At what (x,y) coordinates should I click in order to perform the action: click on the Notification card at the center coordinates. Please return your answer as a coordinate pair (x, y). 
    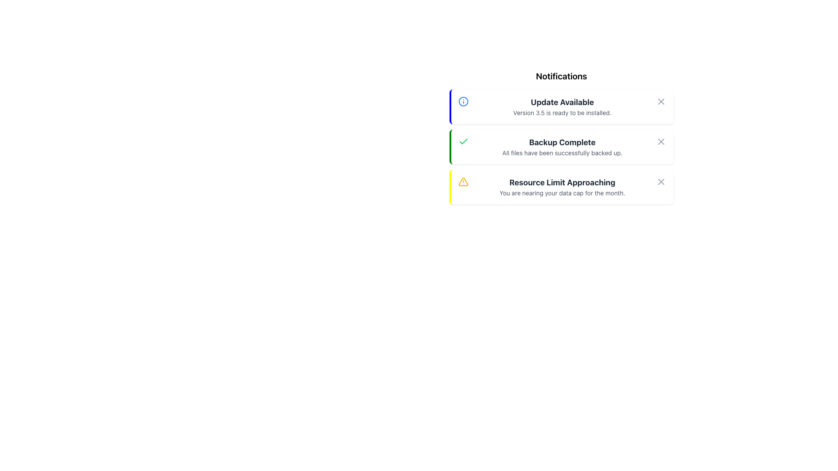
    Looking at the image, I should click on (561, 106).